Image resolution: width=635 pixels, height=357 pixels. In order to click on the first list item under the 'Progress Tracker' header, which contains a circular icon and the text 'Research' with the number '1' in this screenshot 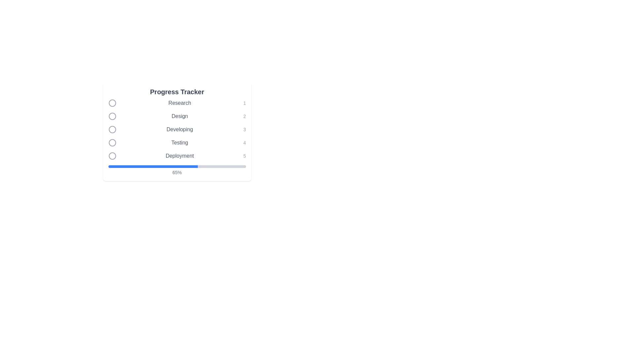, I will do `click(177, 103)`.